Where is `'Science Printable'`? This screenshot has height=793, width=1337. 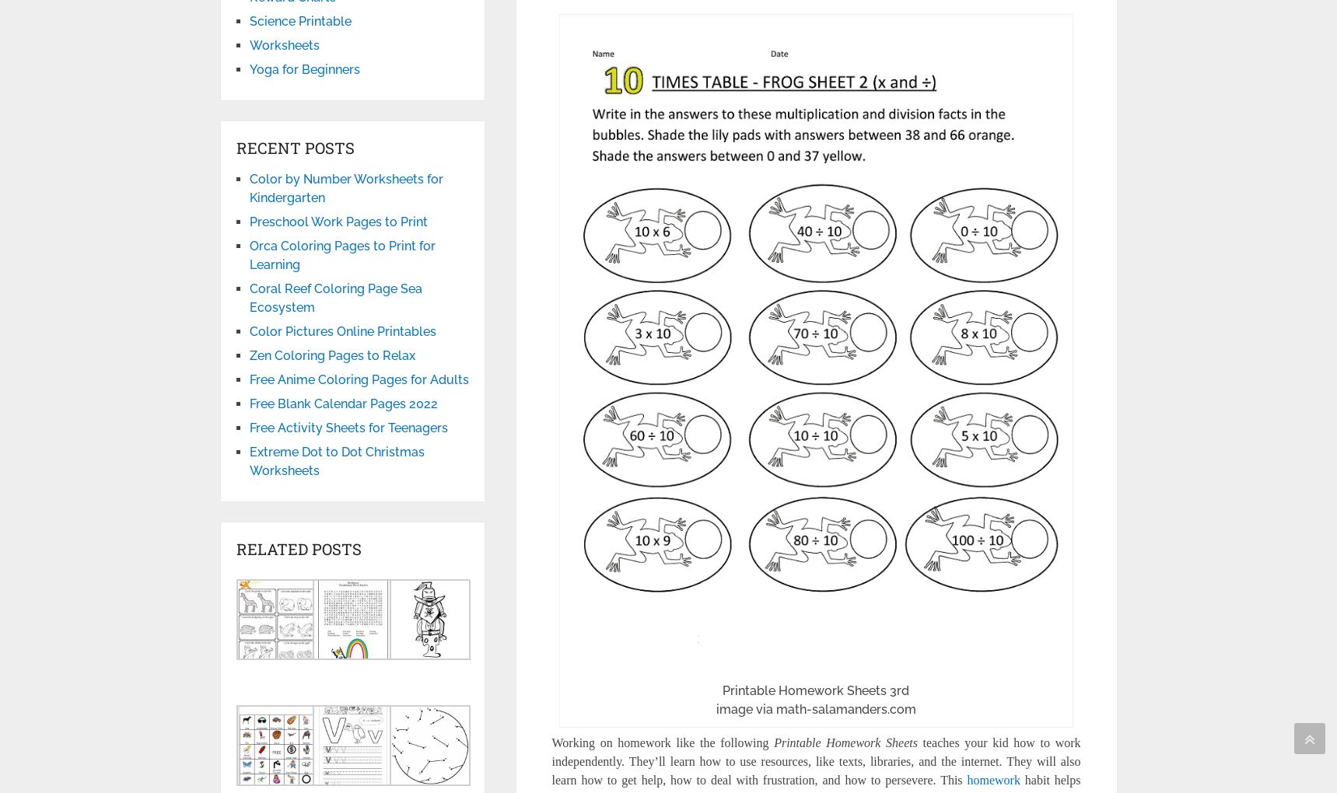
'Science Printable' is located at coordinates (299, 20).